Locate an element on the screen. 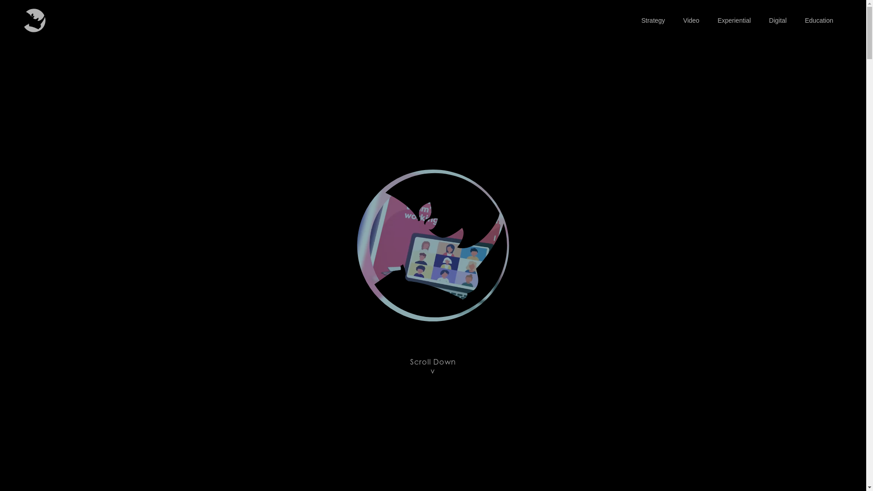 The width and height of the screenshot is (873, 491). 'Digital' is located at coordinates (777, 20).